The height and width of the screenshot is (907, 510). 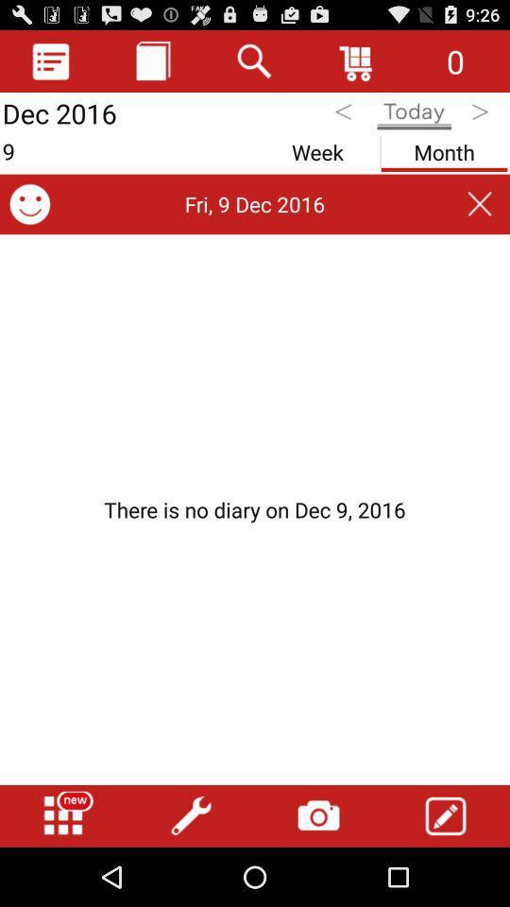 What do you see at coordinates (444, 147) in the screenshot?
I see `month` at bounding box center [444, 147].